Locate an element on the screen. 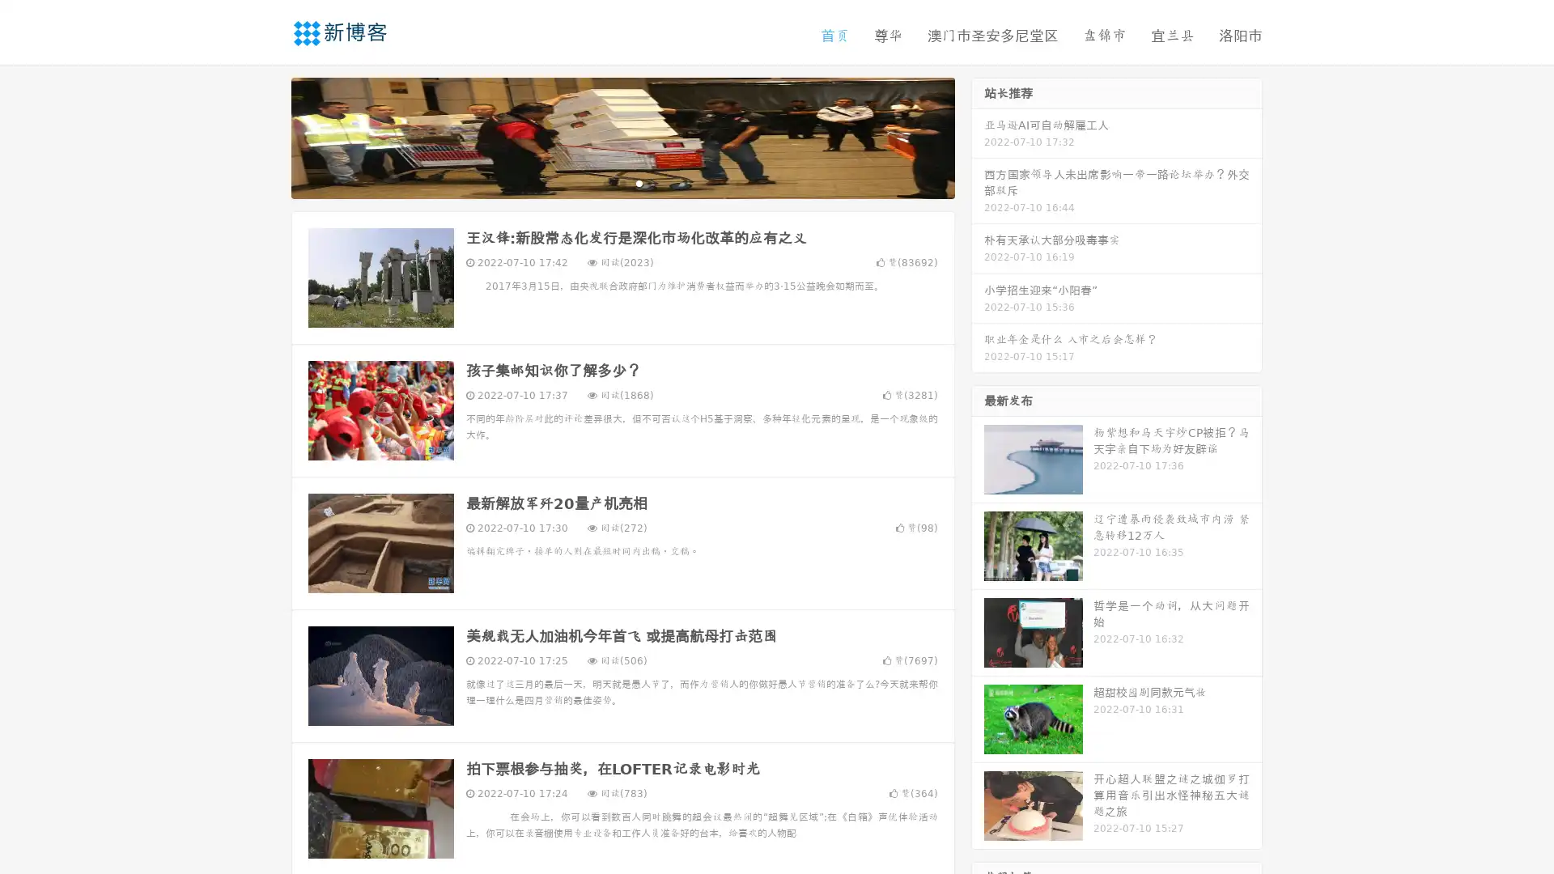  Previous slide is located at coordinates (267, 136).